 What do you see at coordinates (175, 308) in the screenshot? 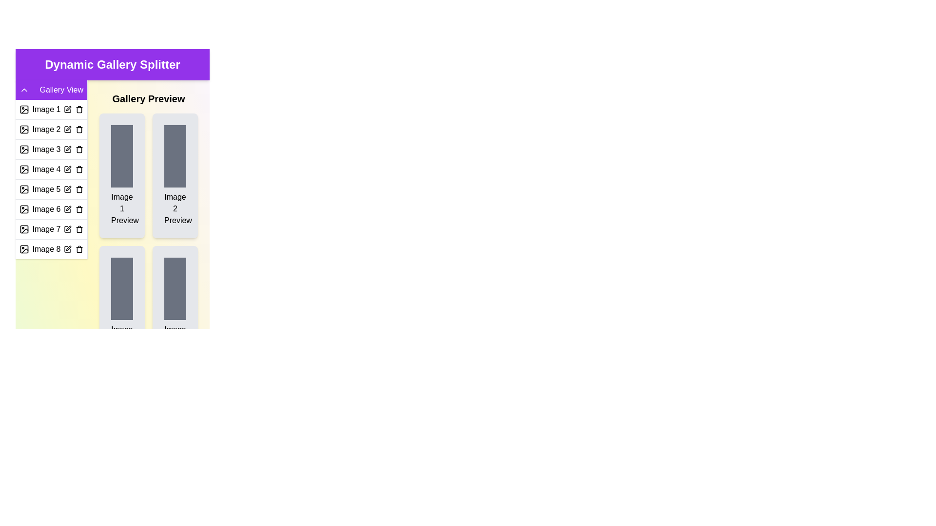
I see `the fourth Preview card for an image in the gallery` at bounding box center [175, 308].